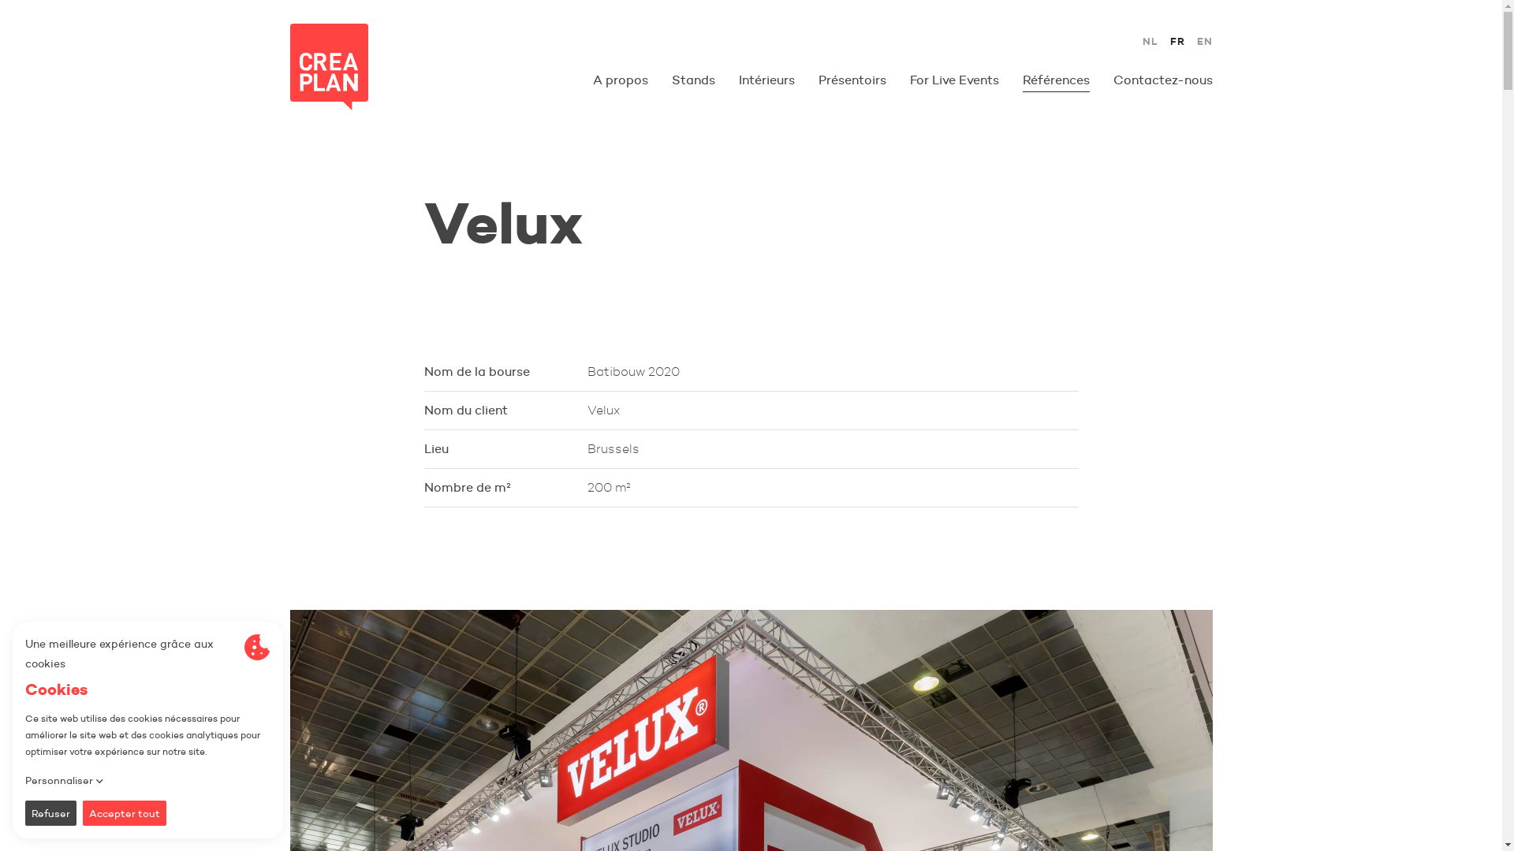 The height and width of the screenshot is (851, 1514). Describe the element at coordinates (620, 80) in the screenshot. I see `'A propos'` at that location.